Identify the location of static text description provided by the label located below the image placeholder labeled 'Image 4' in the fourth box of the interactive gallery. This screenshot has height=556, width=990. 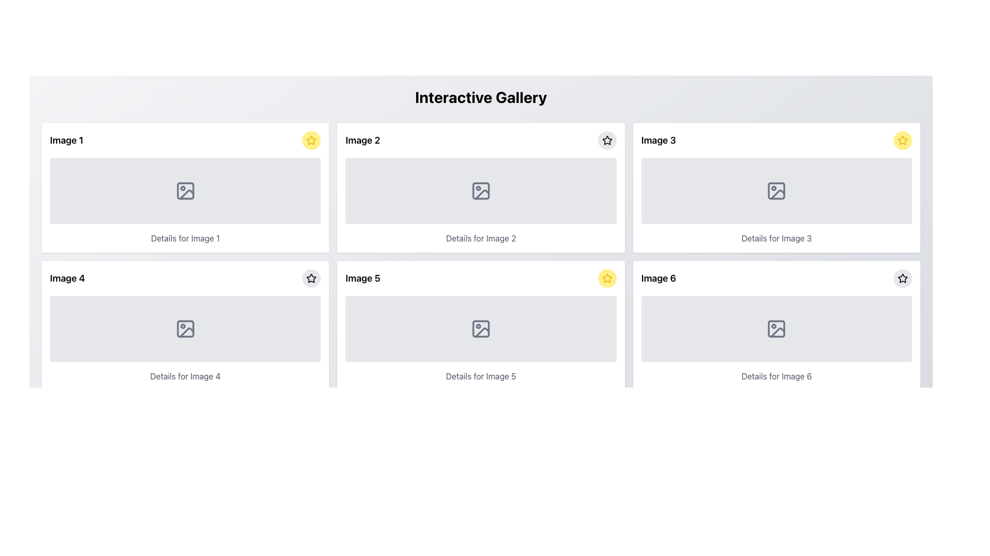
(185, 376).